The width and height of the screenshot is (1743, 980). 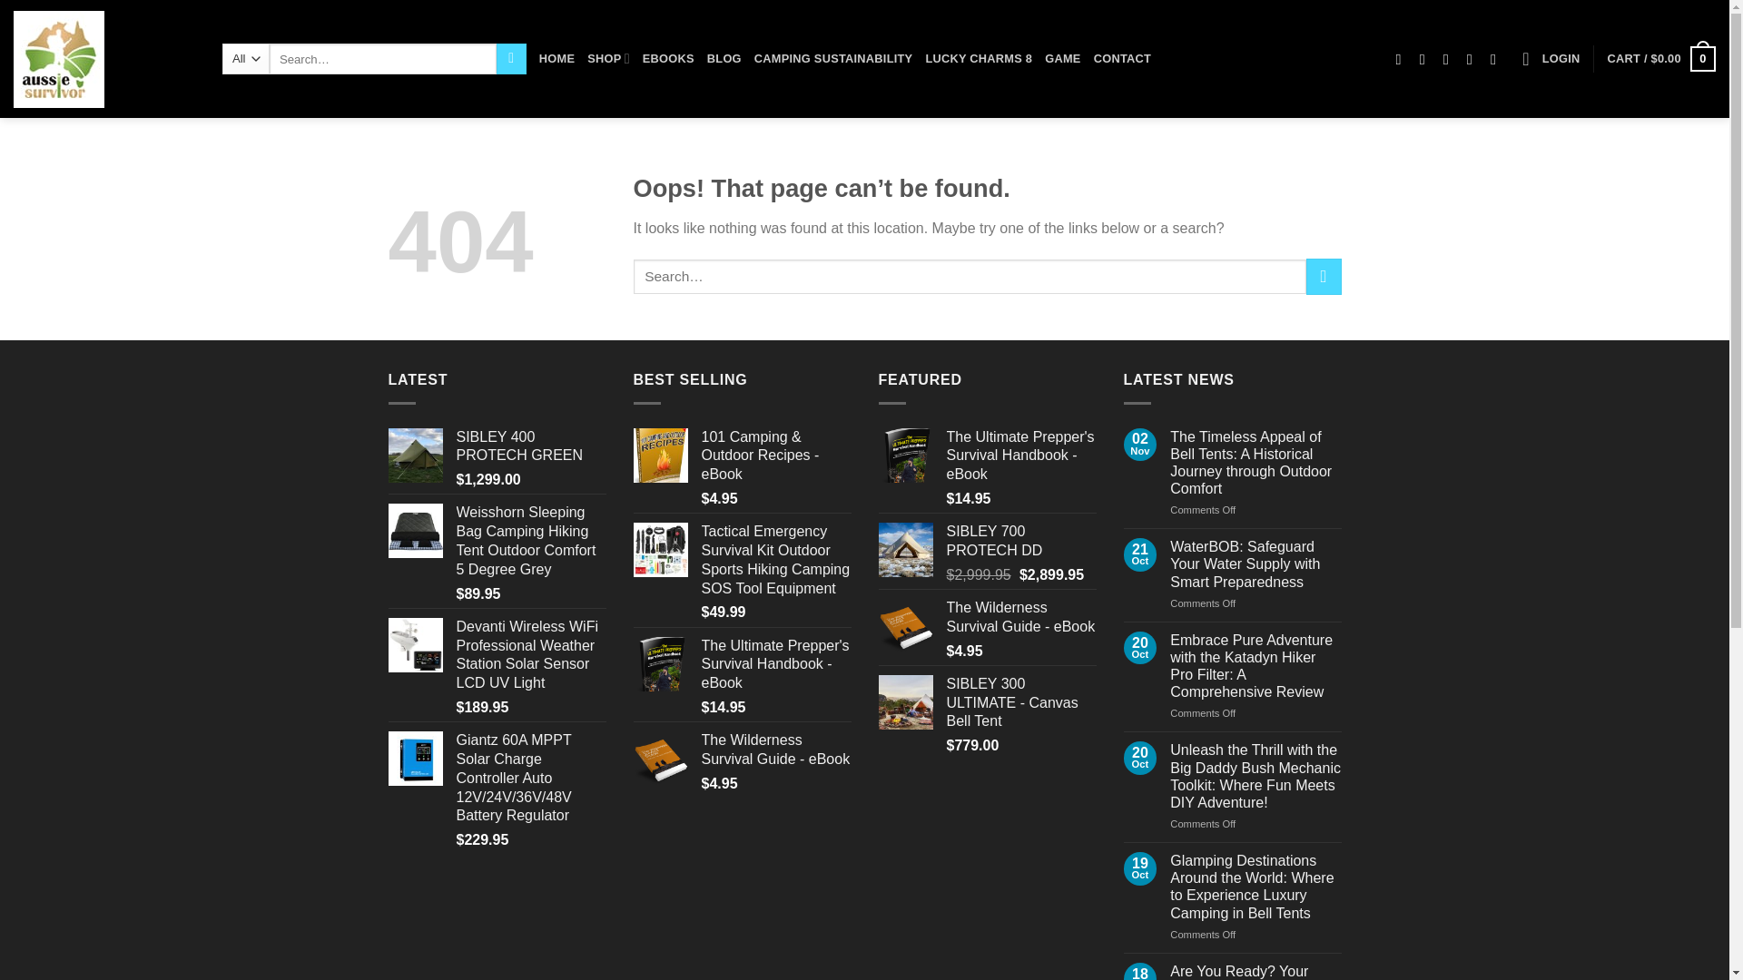 I want to click on 'CART / $0.00, so click(x=1661, y=58).